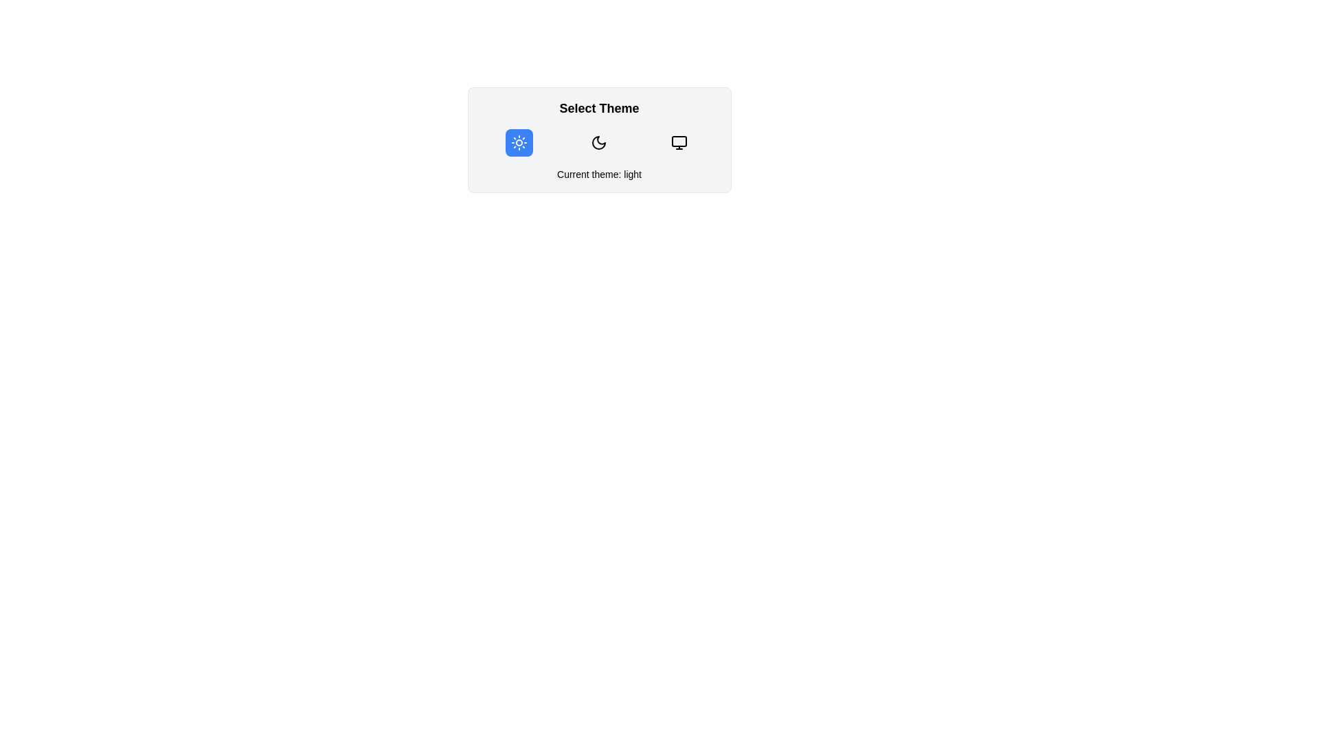 This screenshot has height=742, width=1319. I want to click on the rightmost button with a rounded rectangular shape and a computer monitor icon, so click(679, 143).